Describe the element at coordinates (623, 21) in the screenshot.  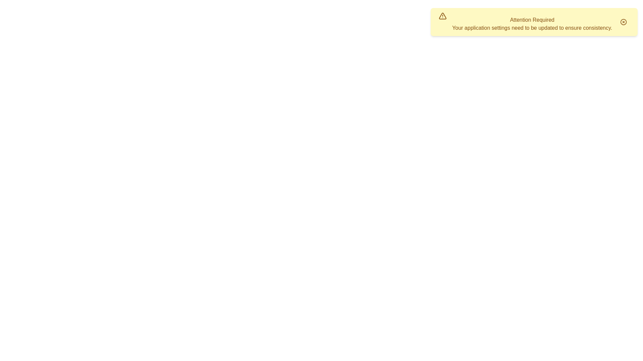
I see `the circular graphical component that is part of an icon with a thin border, located near the top-right corner of the interface, adjacent to a warning message` at that location.